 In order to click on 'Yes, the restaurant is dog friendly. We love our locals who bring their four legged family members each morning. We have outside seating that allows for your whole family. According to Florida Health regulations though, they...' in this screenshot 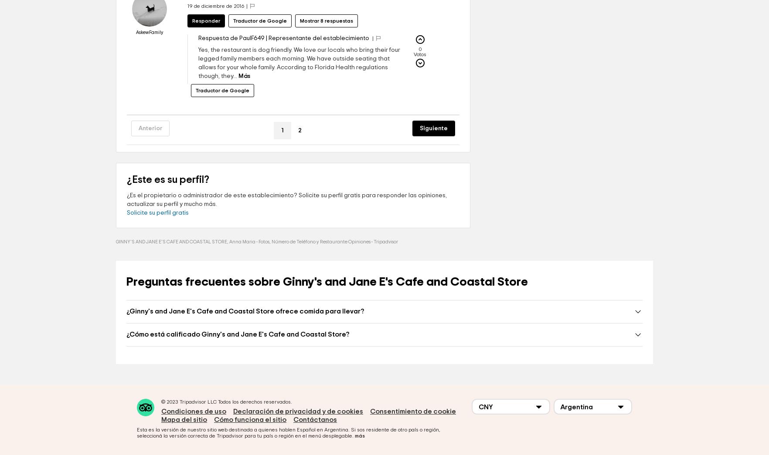, I will do `click(198, 89)`.